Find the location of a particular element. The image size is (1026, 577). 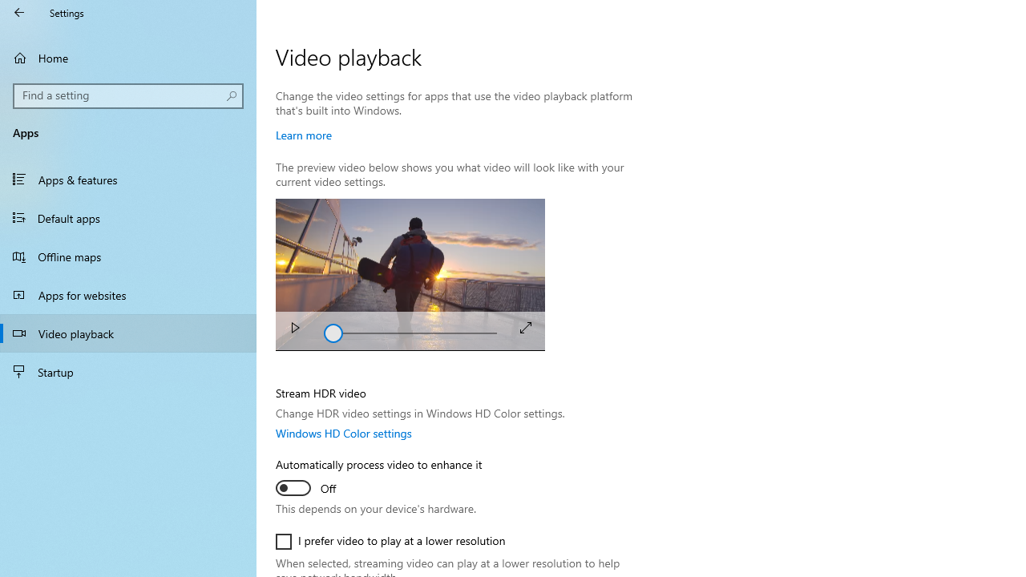

'Full Screen' is located at coordinates (526, 326).